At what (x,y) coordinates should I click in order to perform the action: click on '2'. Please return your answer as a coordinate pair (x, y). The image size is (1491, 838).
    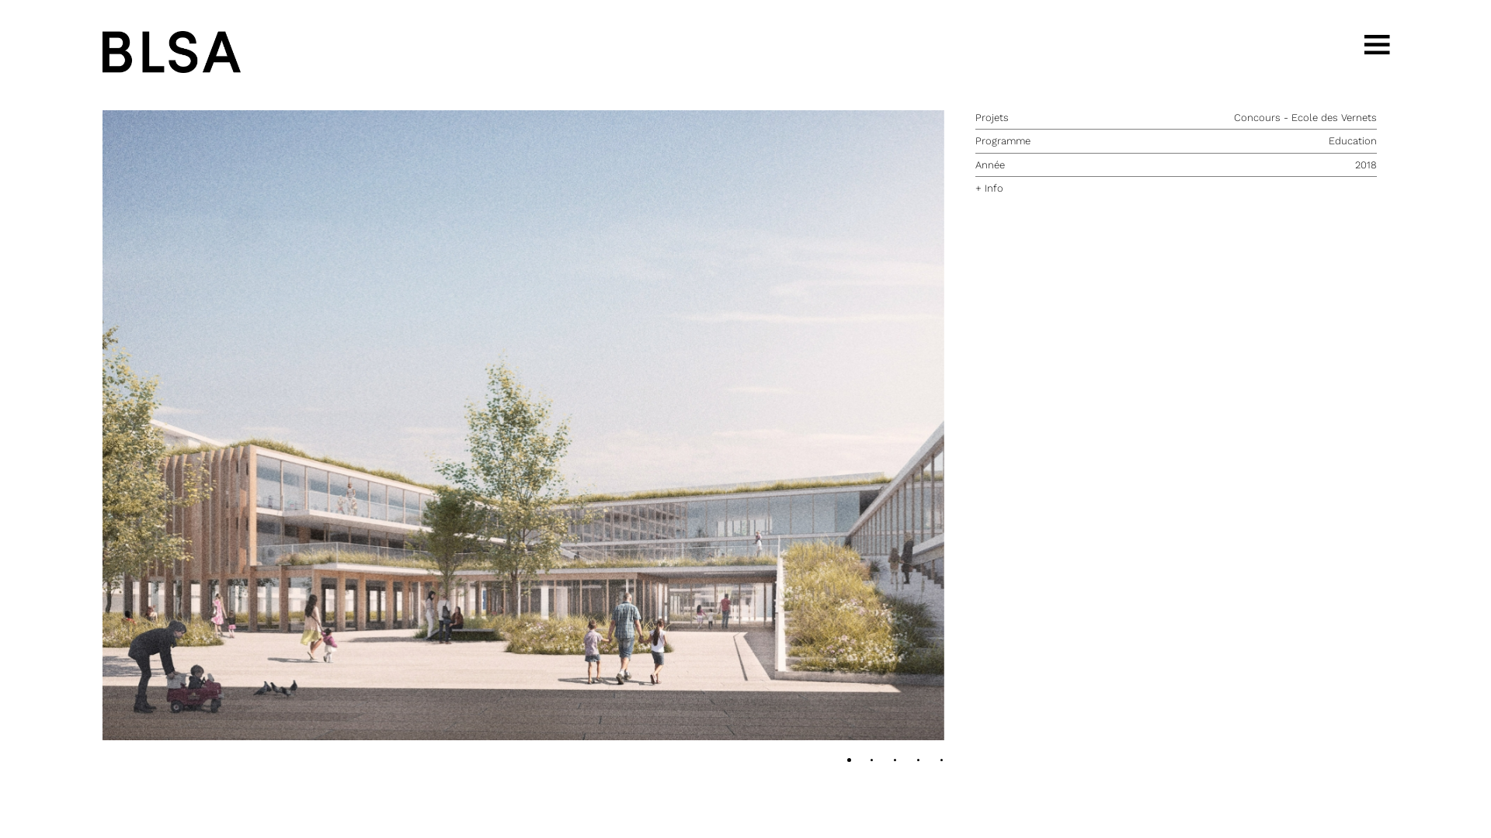
    Looking at the image, I should click on (886, 762).